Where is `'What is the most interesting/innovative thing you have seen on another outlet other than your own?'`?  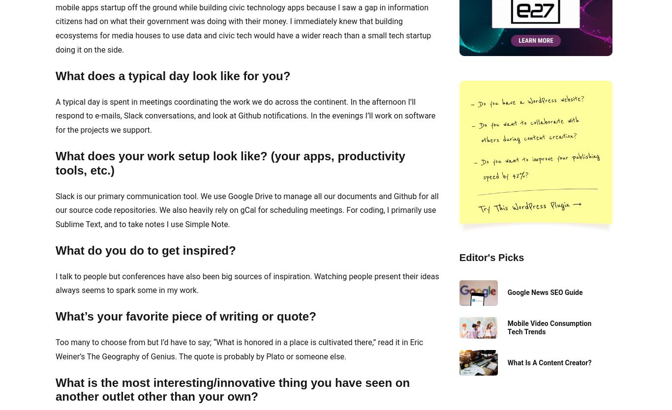 'What is the most interesting/innovative thing you have seen on another outlet other than your own?' is located at coordinates (233, 388).